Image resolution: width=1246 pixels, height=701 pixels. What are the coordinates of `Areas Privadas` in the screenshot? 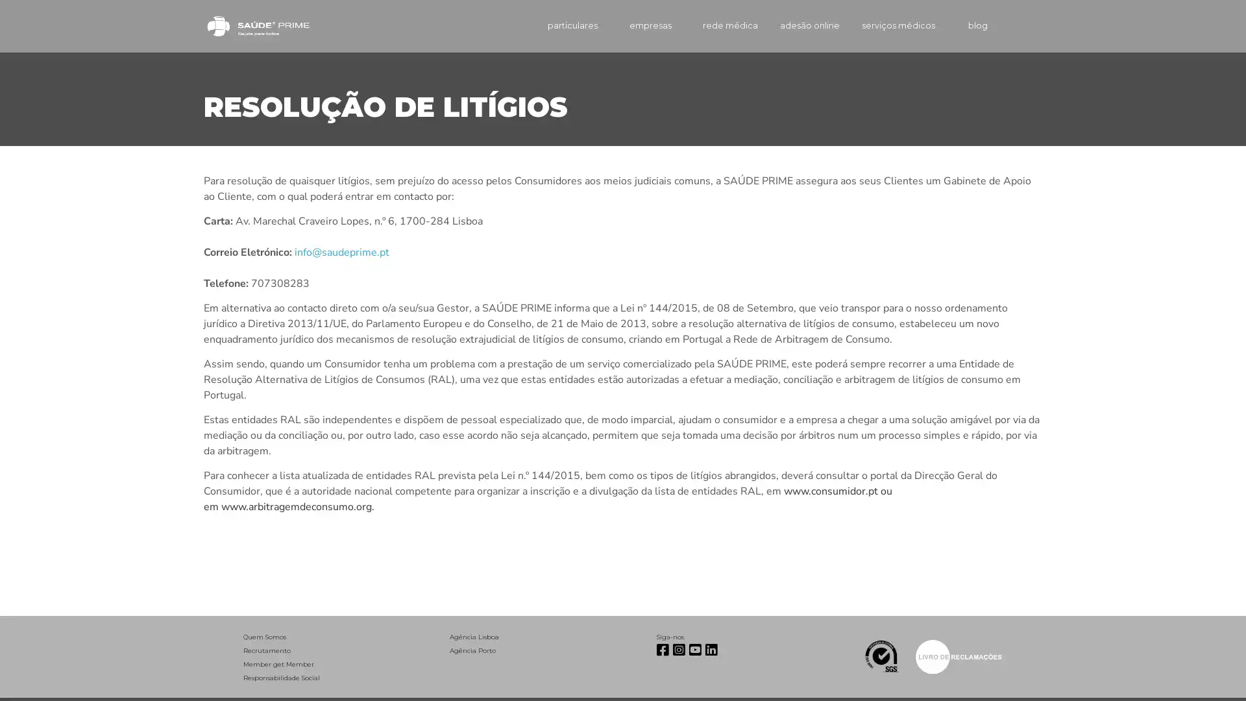 It's located at (1024, 25).